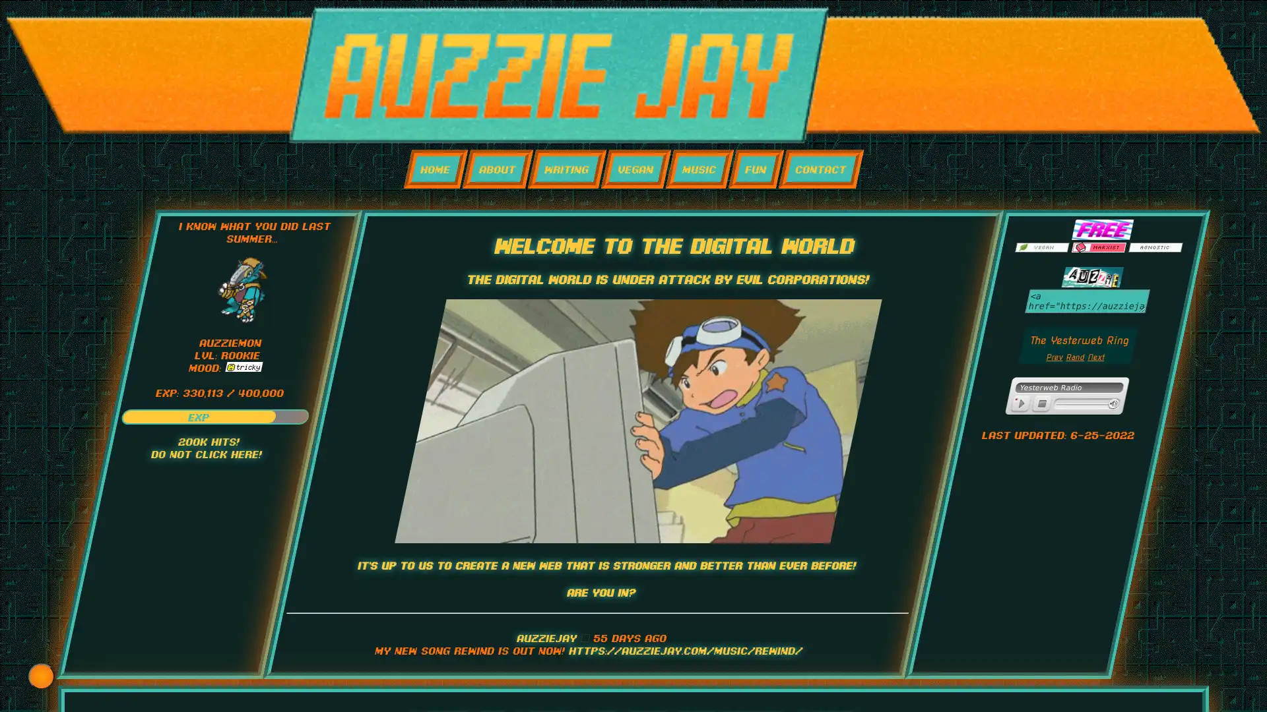  Describe the element at coordinates (635, 168) in the screenshot. I see `VEGAN` at that location.